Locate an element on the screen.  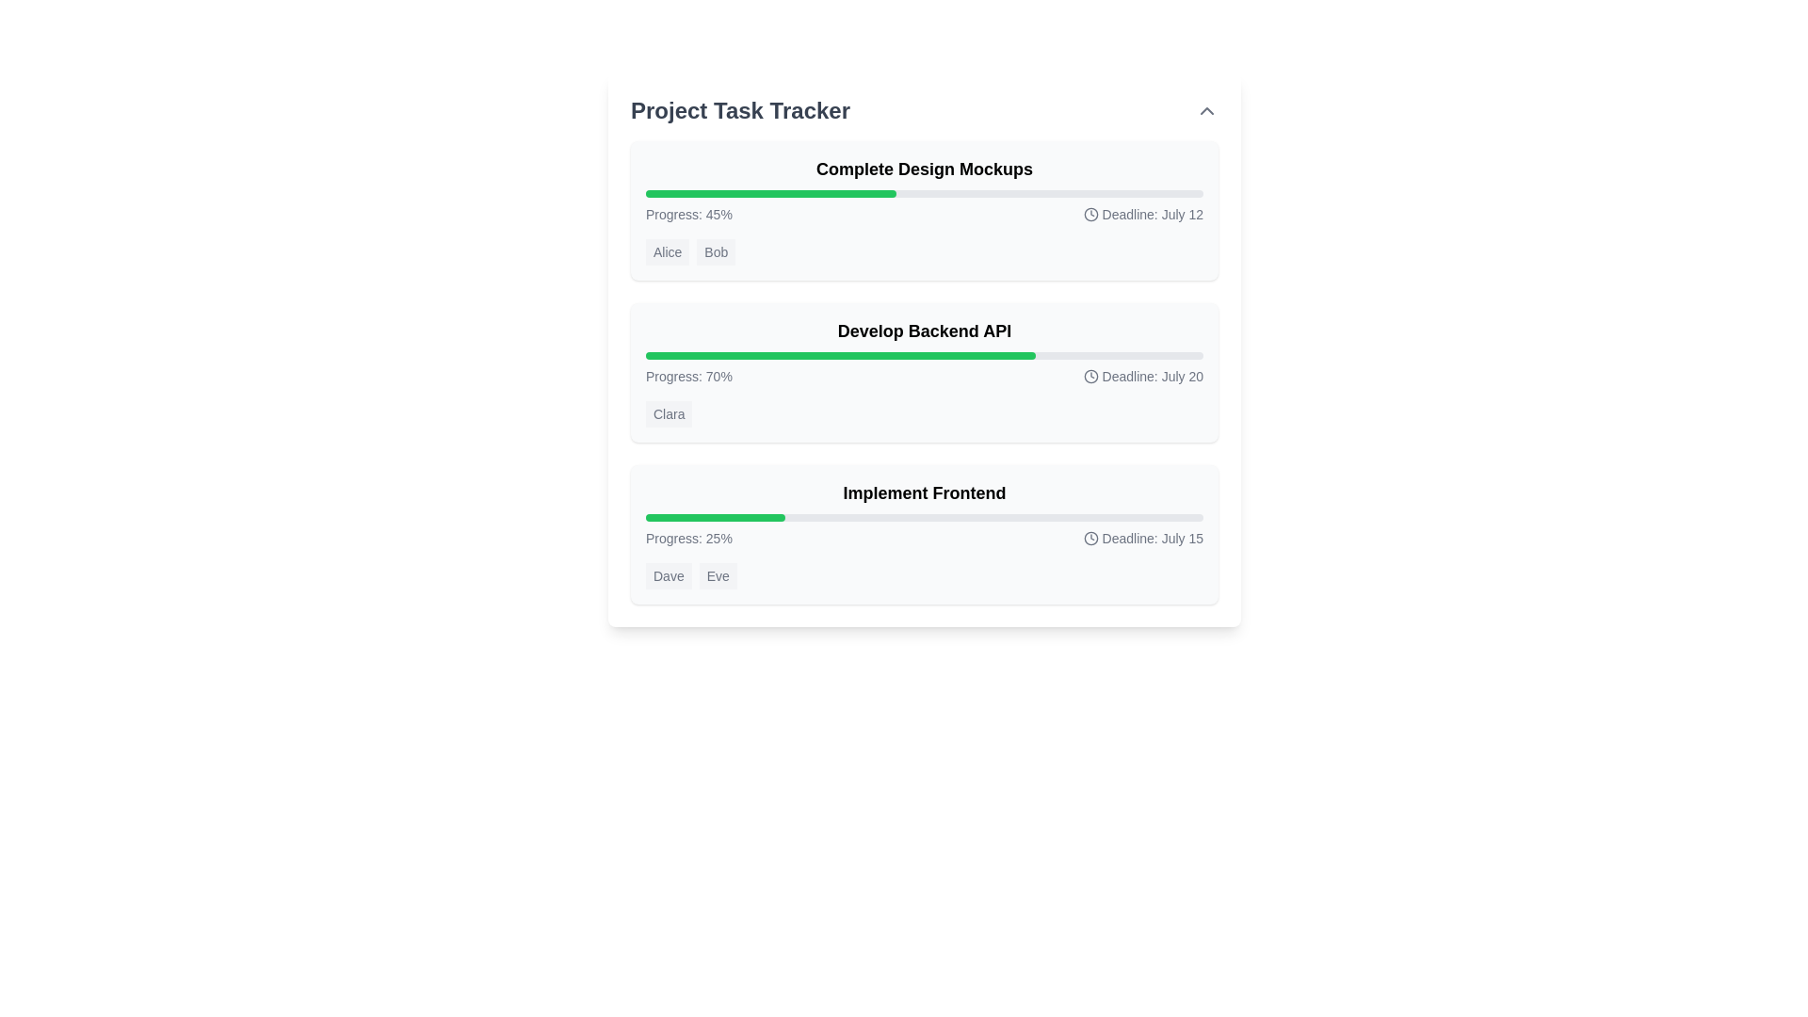
the clock icon representing the deadline information, located to the left of the text 'Deadline: July 20' in the second task card labeled 'Develop Backend API' is located at coordinates (1090, 377).